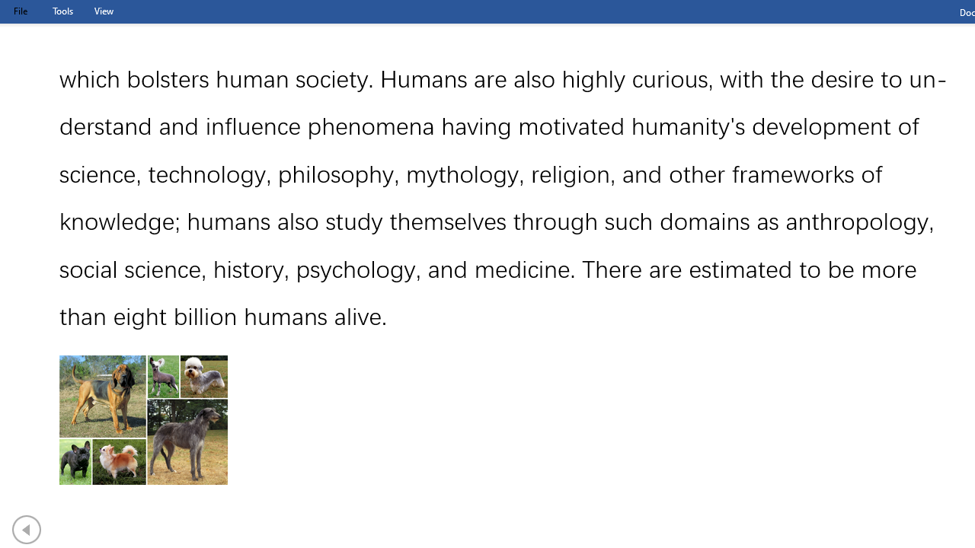 The width and height of the screenshot is (975, 548). I want to click on 'Tools', so click(62, 11).